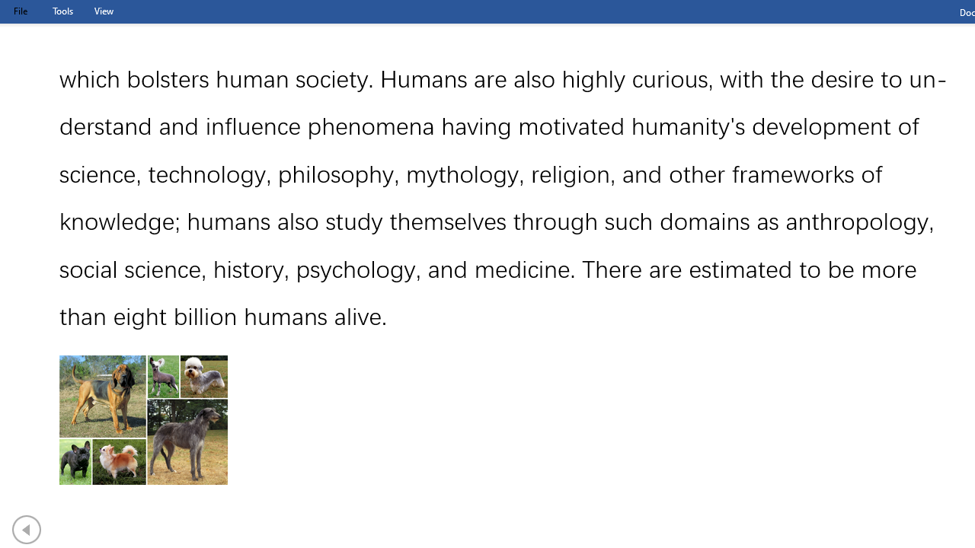 The width and height of the screenshot is (975, 548). I want to click on 'Tools', so click(62, 11).